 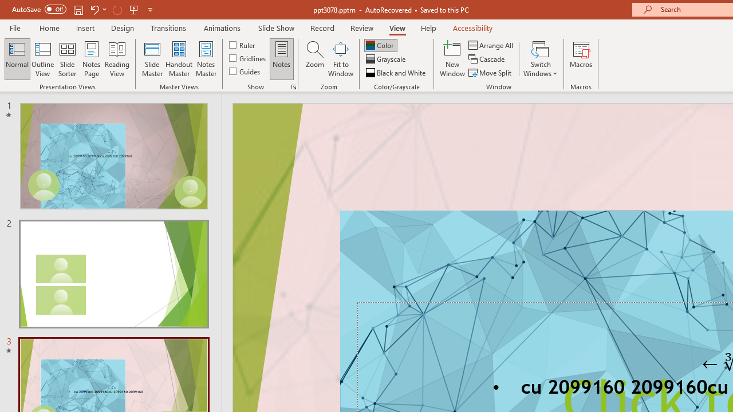 What do you see at coordinates (452, 59) in the screenshot?
I see `'New Window'` at bounding box center [452, 59].